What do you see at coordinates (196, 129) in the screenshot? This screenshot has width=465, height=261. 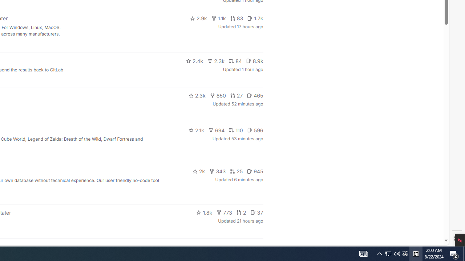 I see `'2.1k'` at bounding box center [196, 129].